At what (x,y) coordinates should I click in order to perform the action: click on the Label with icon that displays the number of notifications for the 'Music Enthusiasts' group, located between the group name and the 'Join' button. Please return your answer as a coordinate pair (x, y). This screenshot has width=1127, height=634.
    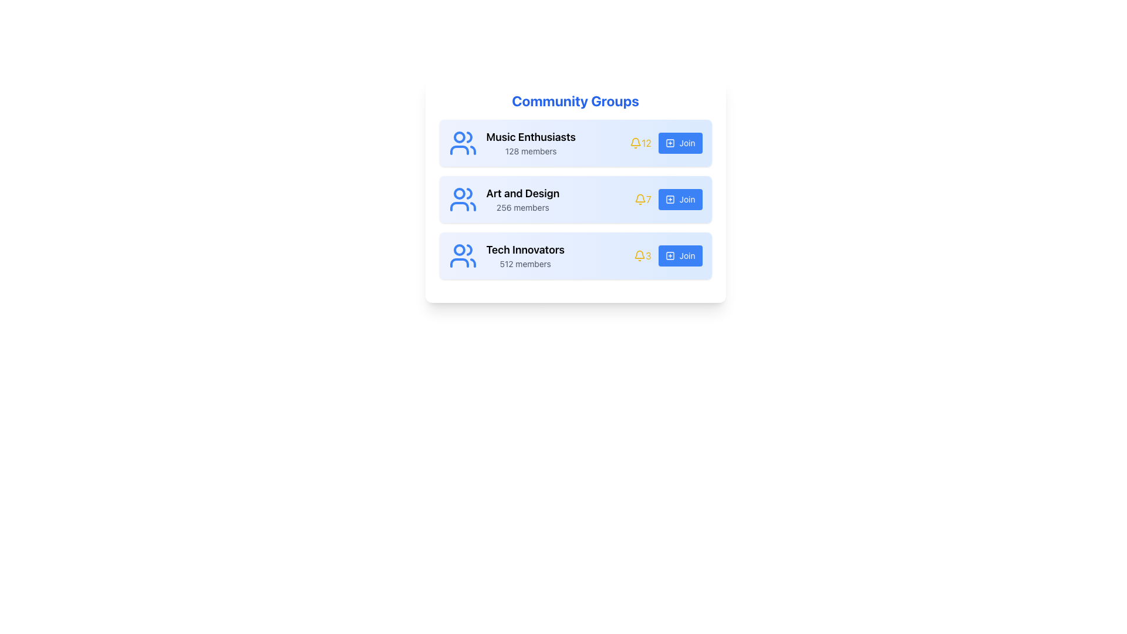
    Looking at the image, I should click on (640, 142).